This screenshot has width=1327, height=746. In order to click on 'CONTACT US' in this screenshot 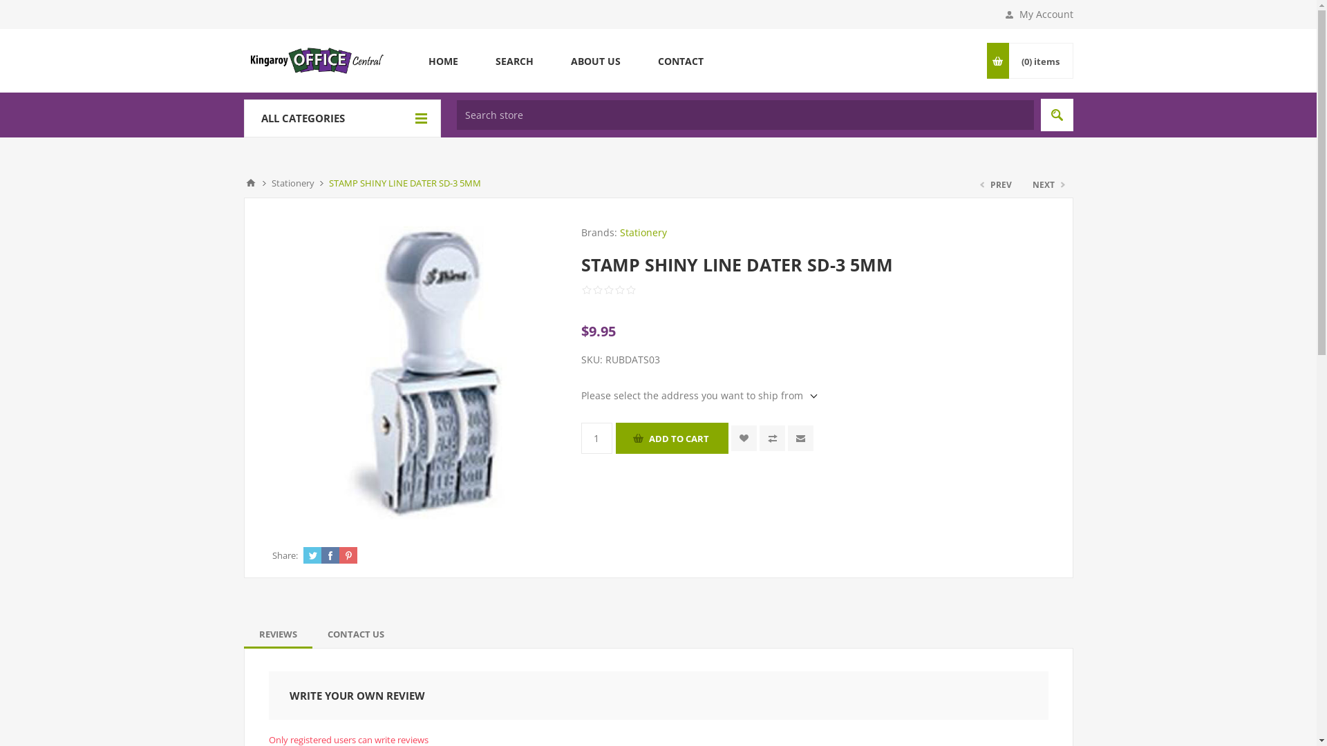, I will do `click(355, 634)`.